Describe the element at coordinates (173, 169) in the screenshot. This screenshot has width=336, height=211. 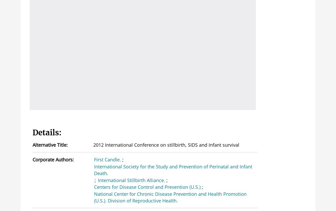
I see `'International Society for the Study and Prevention of Perinatal and Infant Death.'` at that location.